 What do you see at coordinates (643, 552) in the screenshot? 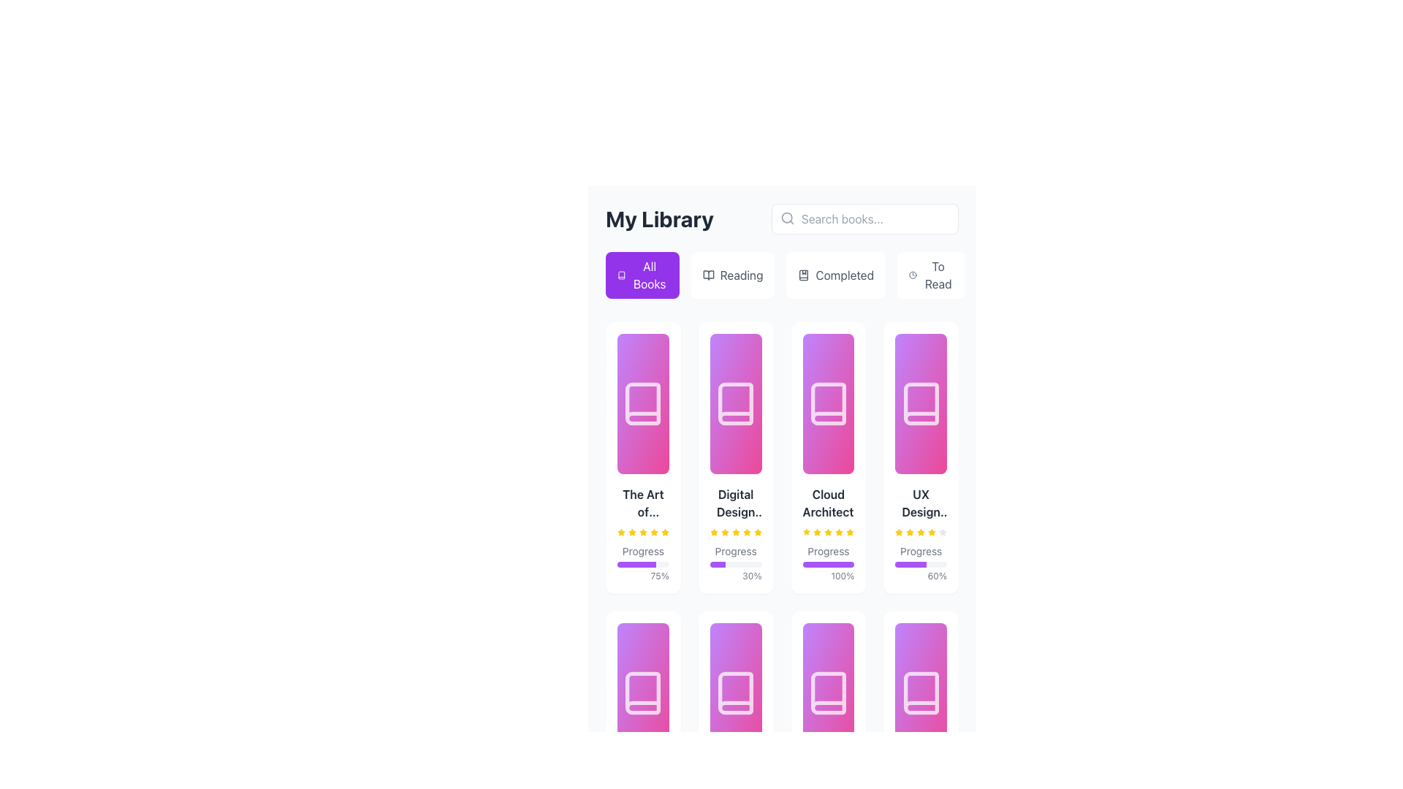
I see `the 'Progress' text label, which displays the text in small gray font above the progress bar in the book detail card for 'The Art of...'` at bounding box center [643, 552].